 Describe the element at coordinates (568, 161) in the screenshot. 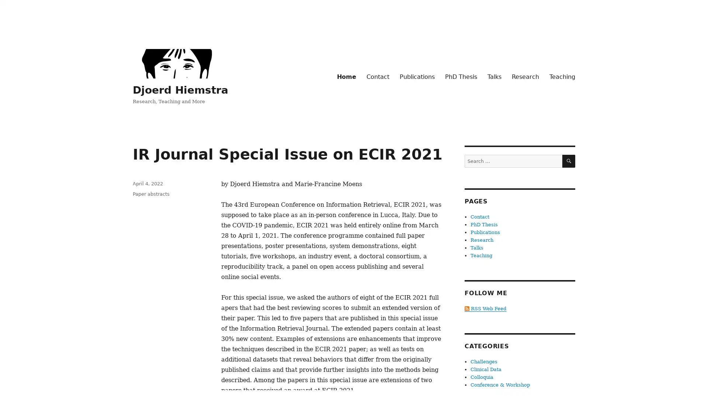

I see `SEARCH` at that location.